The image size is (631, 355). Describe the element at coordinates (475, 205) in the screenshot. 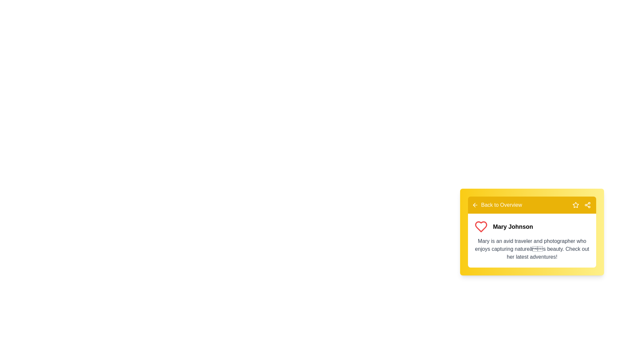

I see `the leftward arrow icon on the yellow background` at that location.